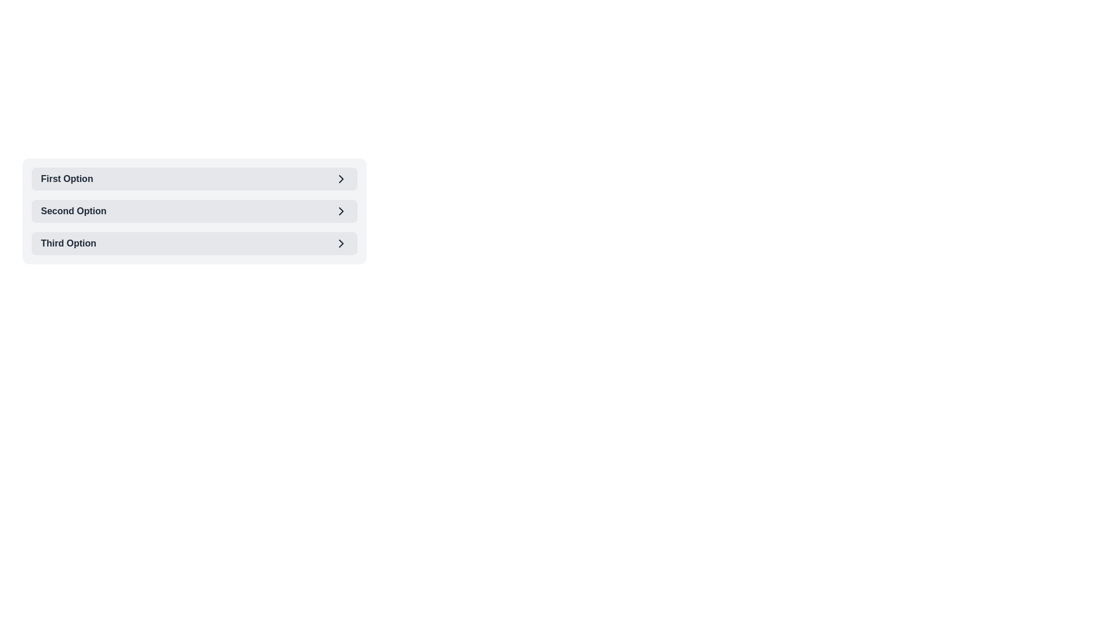  Describe the element at coordinates (340, 243) in the screenshot. I see `the chevron icon located at the far right of the 'Third Option' row to interact and expand additional content or navigate` at that location.